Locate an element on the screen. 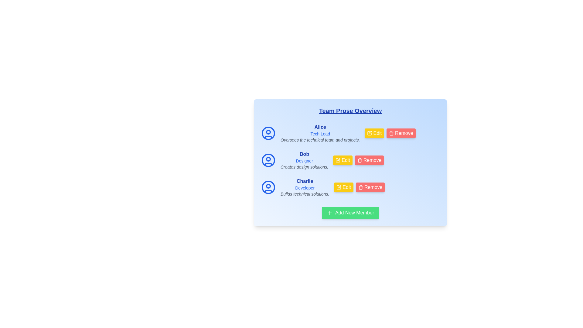 The width and height of the screenshot is (583, 328). the yellow 'Edit' button with white text is located at coordinates (350, 166).